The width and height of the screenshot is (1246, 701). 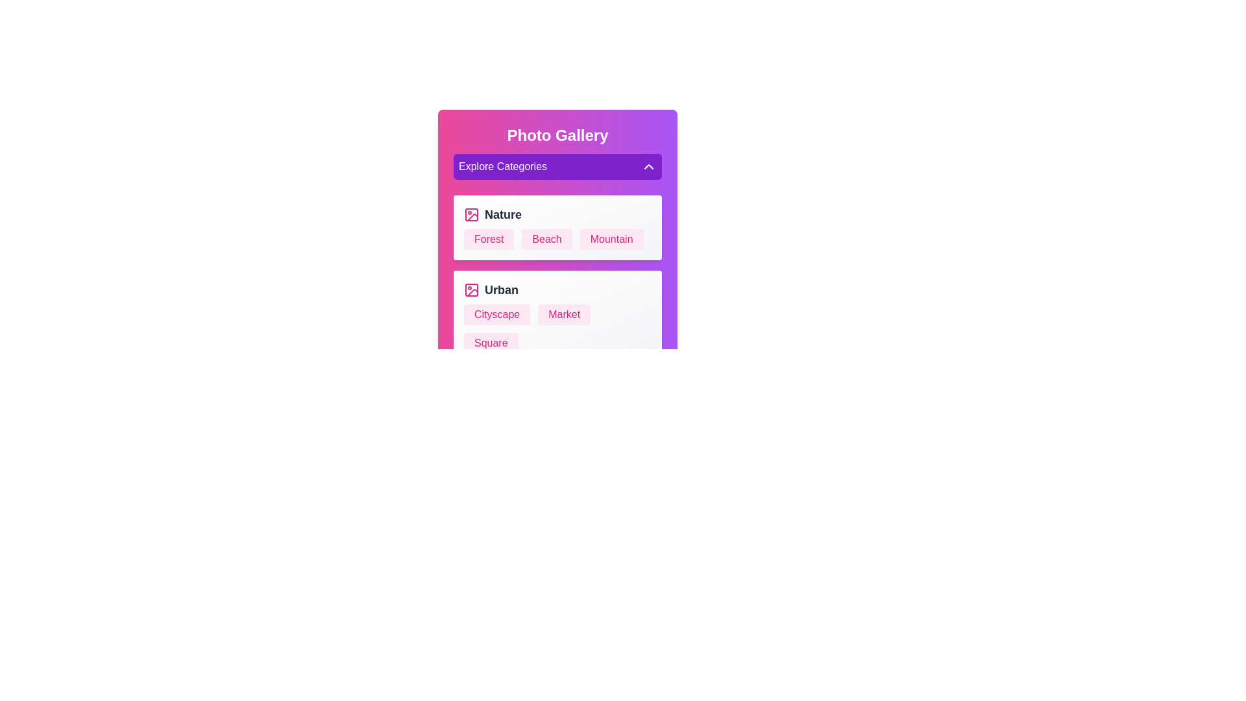 I want to click on the photo name Market to select it, so click(x=564, y=315).